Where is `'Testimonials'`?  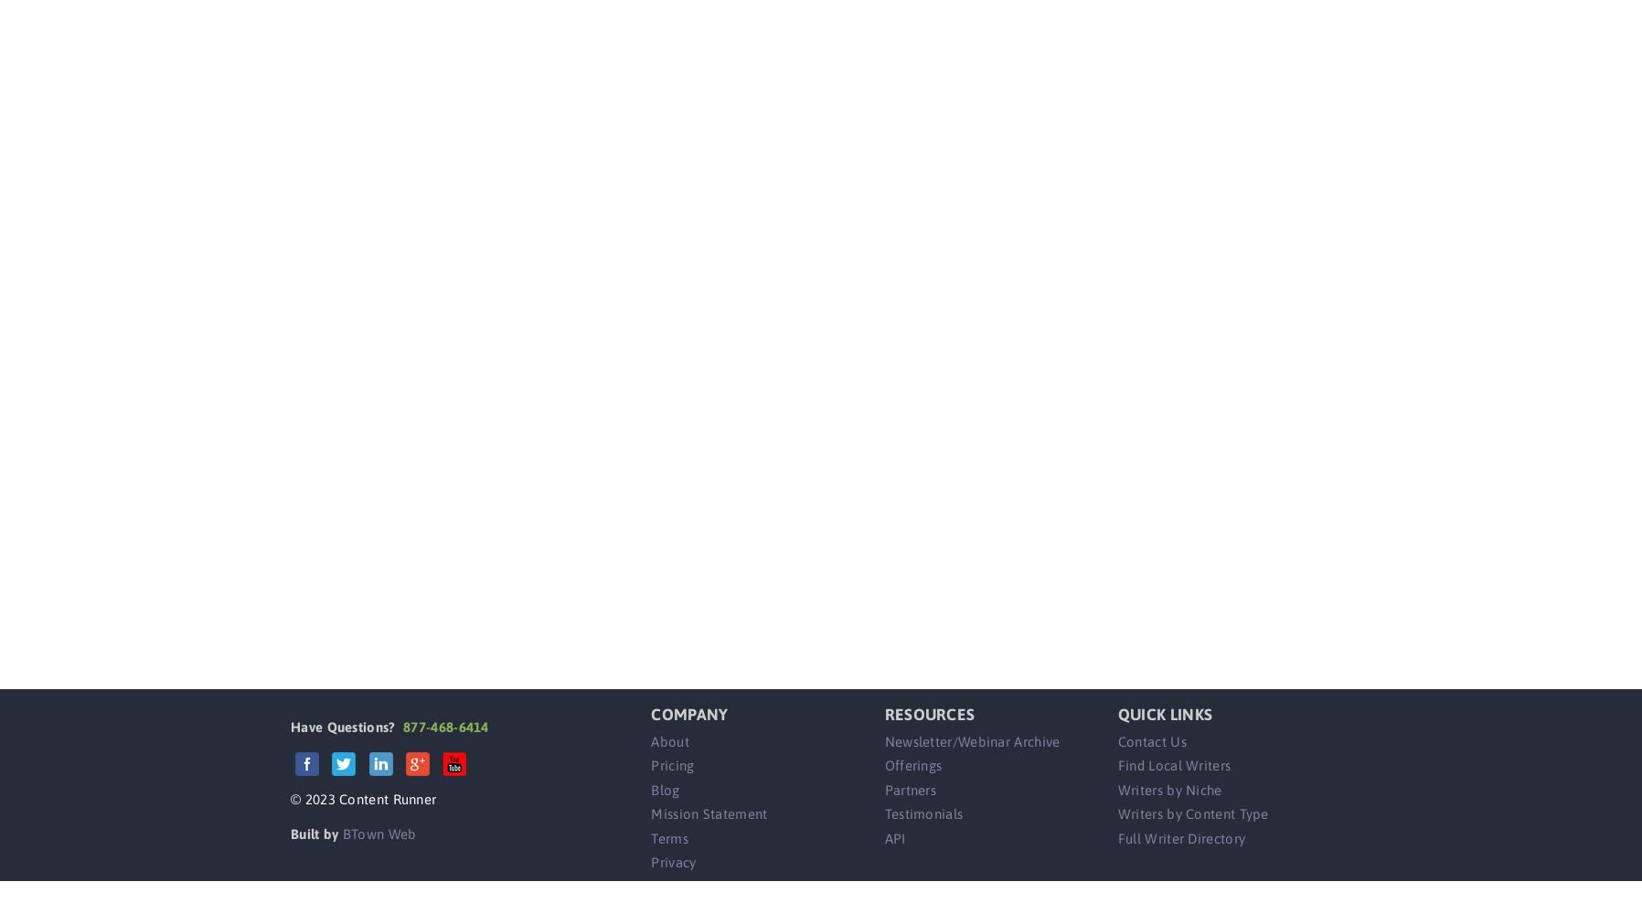 'Testimonials' is located at coordinates (922, 813).